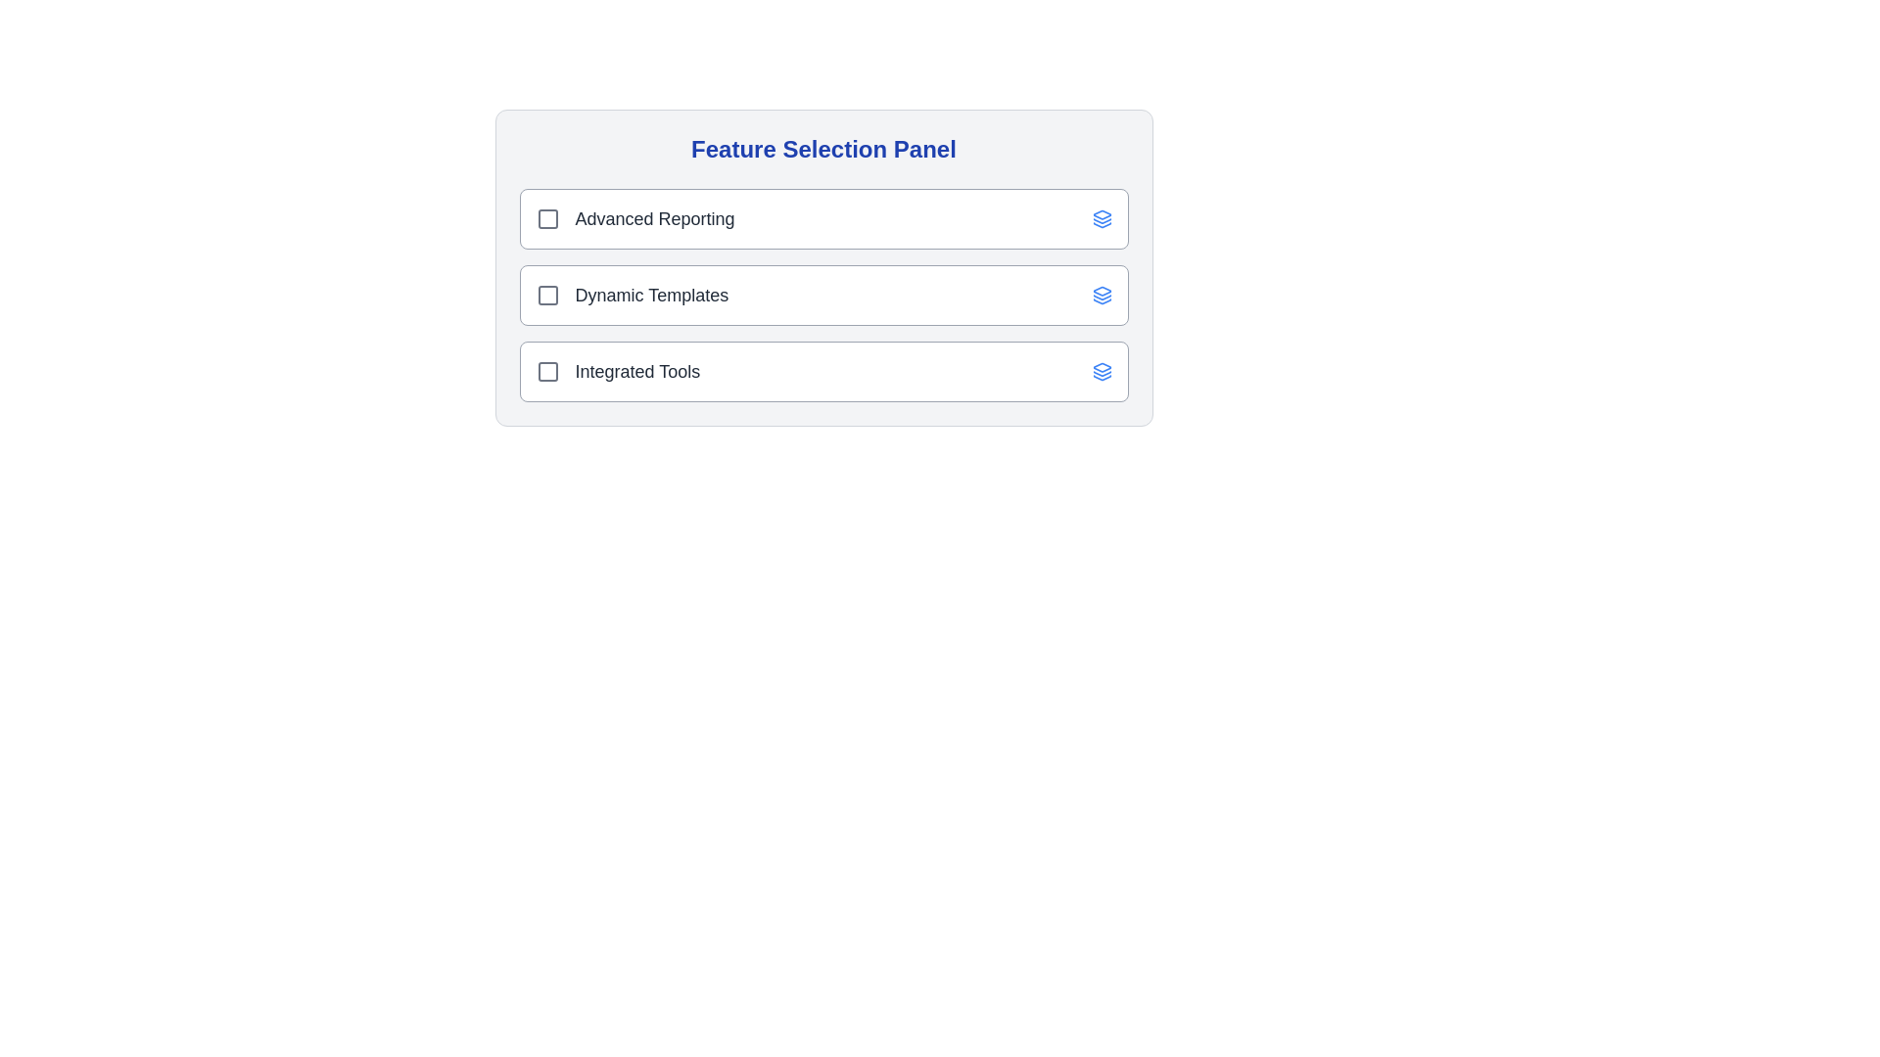  I want to click on the SVG icon located in the rightmost part of the 'Advanced Reporting' card in the 'Feature Selection Panel', so click(1102, 218).